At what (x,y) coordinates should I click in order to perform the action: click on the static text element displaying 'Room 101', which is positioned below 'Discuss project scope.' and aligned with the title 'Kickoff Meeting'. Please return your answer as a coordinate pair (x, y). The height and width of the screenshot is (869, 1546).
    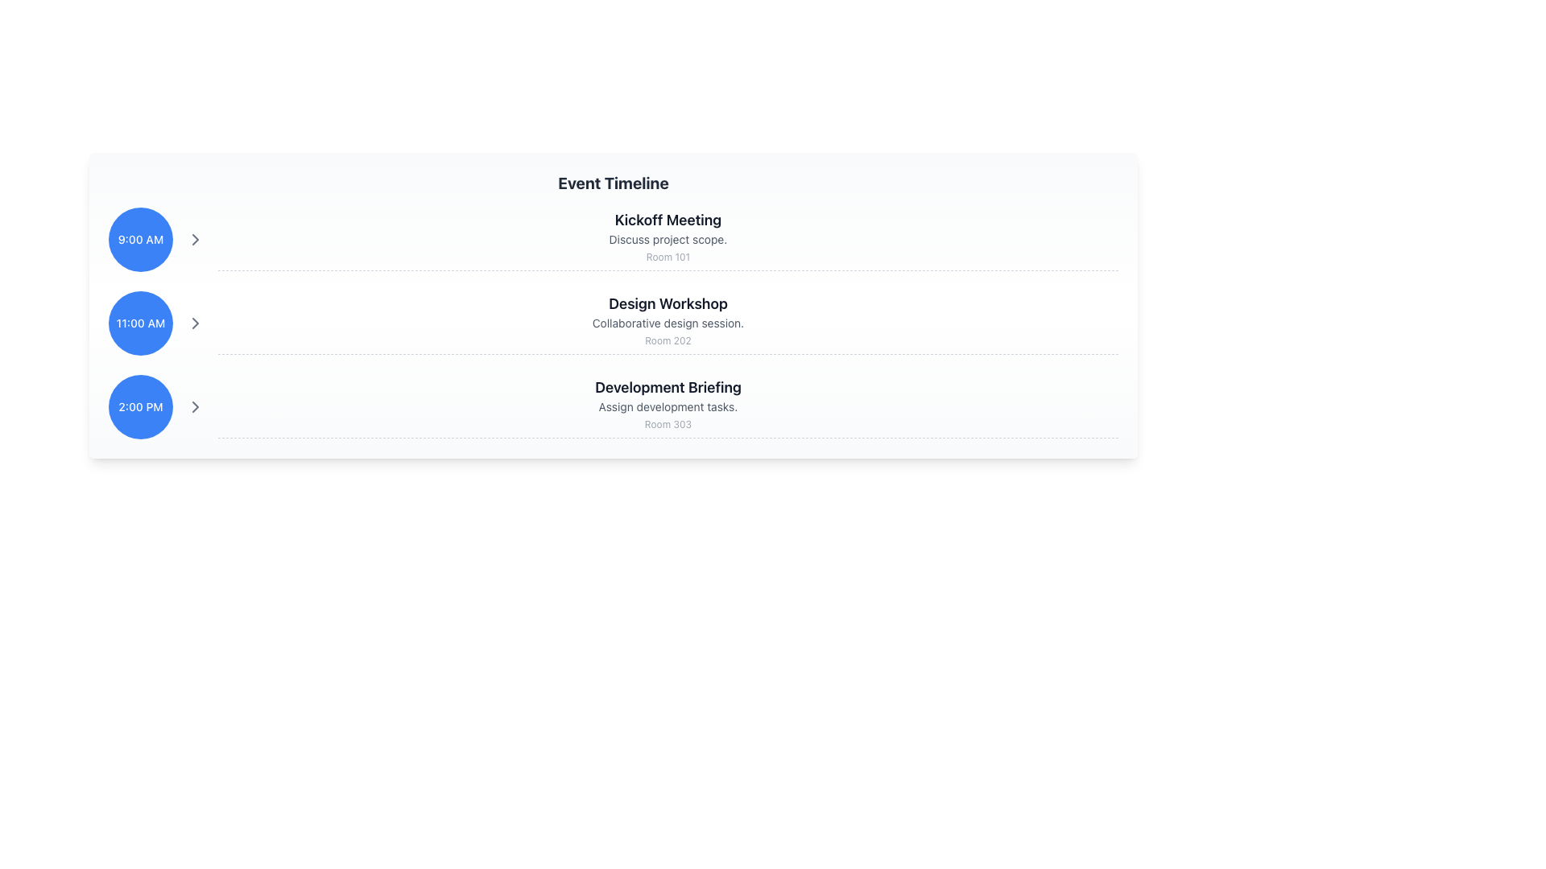
    Looking at the image, I should click on (668, 256).